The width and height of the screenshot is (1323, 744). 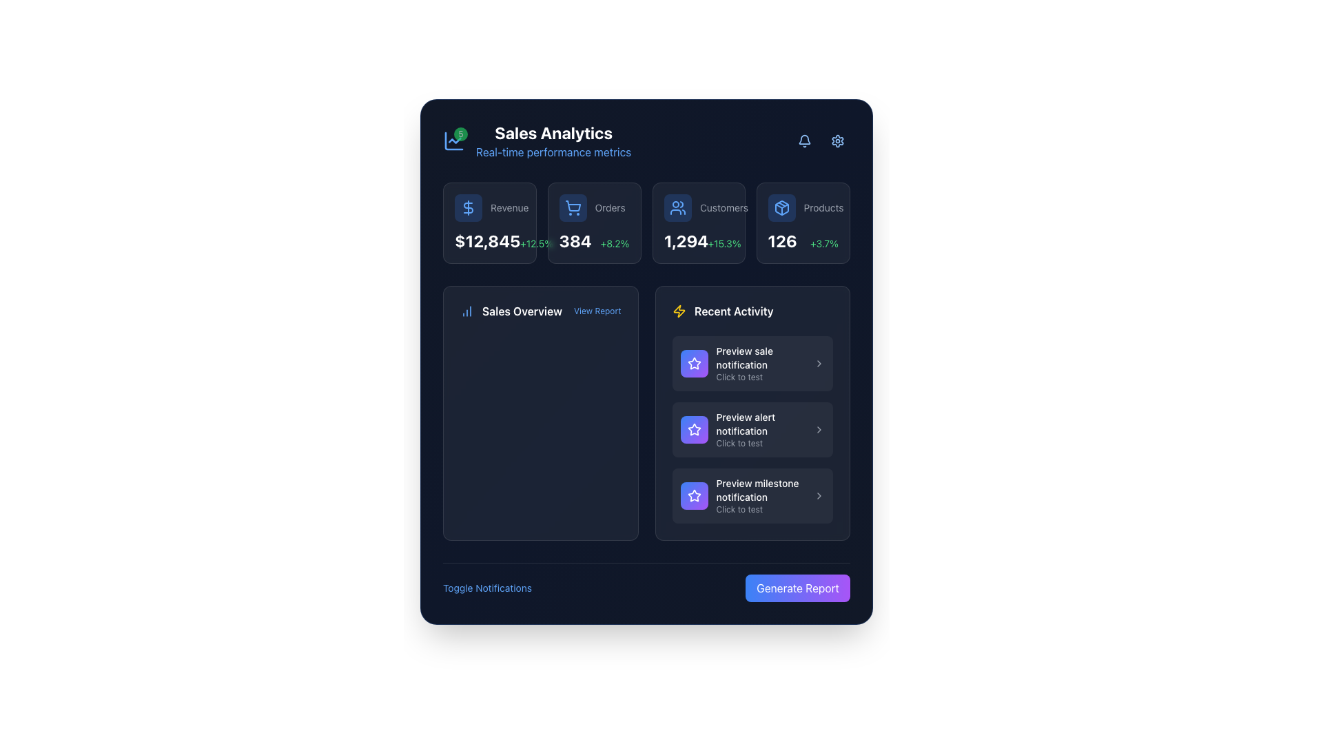 I want to click on the text label indicating percentage change or growth next to '1,294' in the 'Customers' card located in the top row of performance metrics, so click(x=724, y=243).